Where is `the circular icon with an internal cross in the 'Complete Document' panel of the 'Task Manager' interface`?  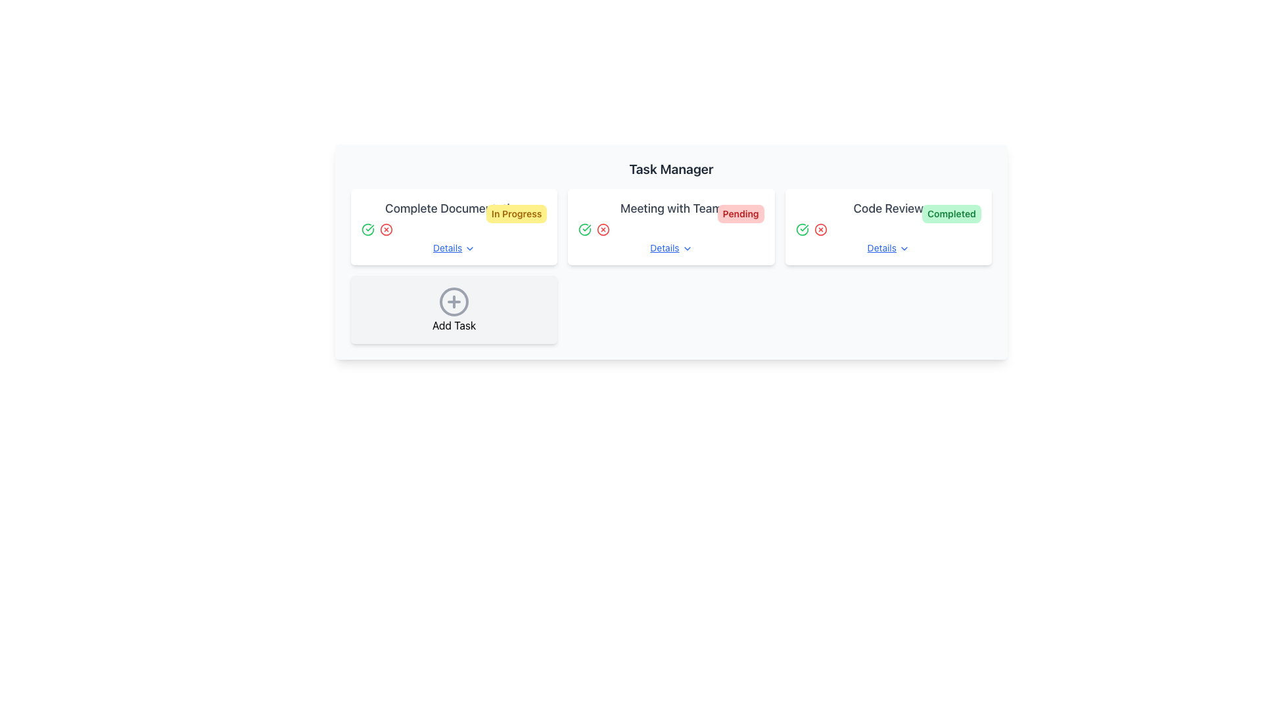
the circular icon with an internal cross in the 'Complete Document' panel of the 'Task Manager' interface is located at coordinates (386, 229).